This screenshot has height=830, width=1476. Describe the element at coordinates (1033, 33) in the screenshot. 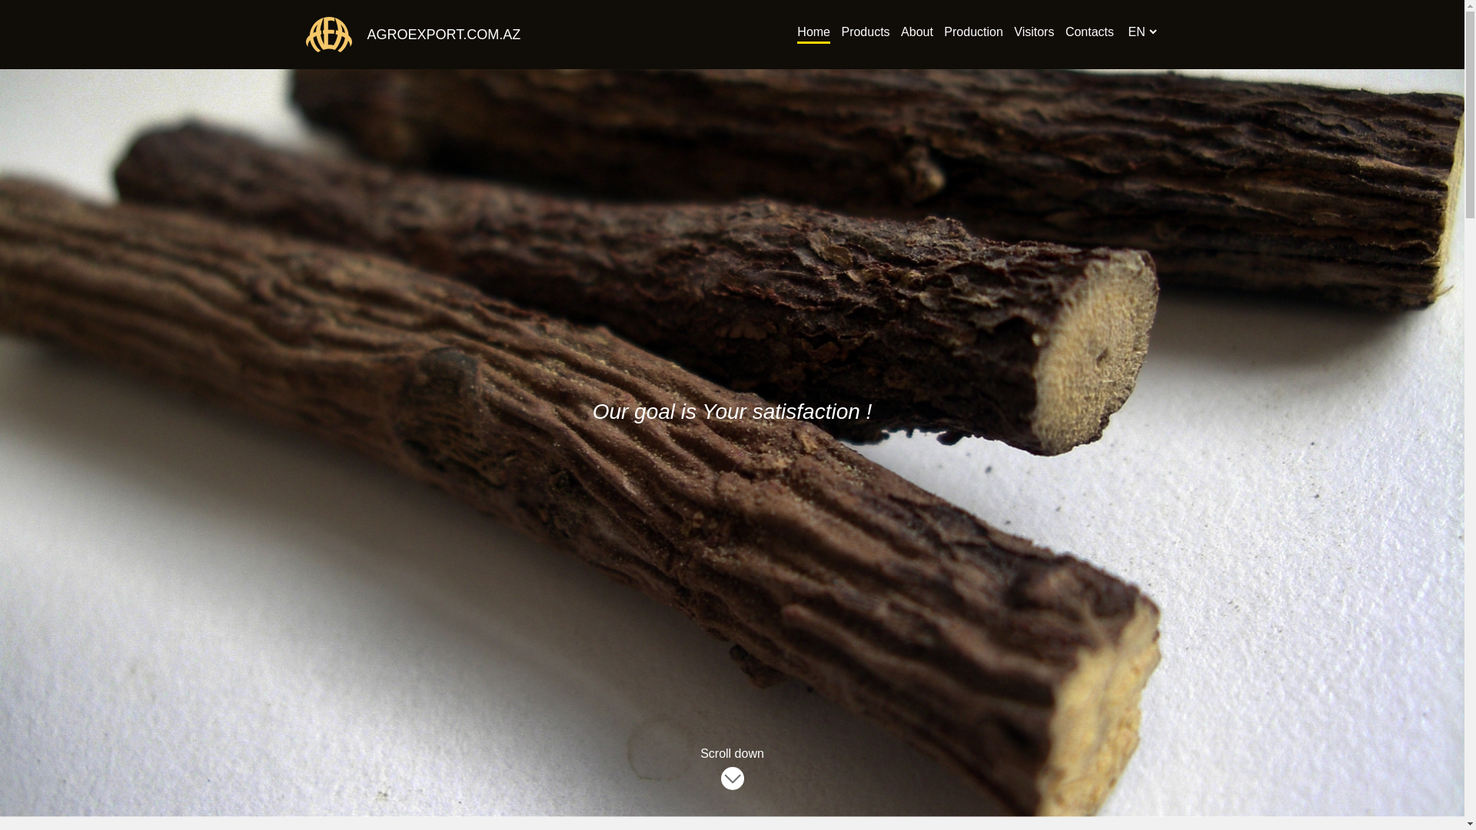

I see `'Visitors'` at that location.